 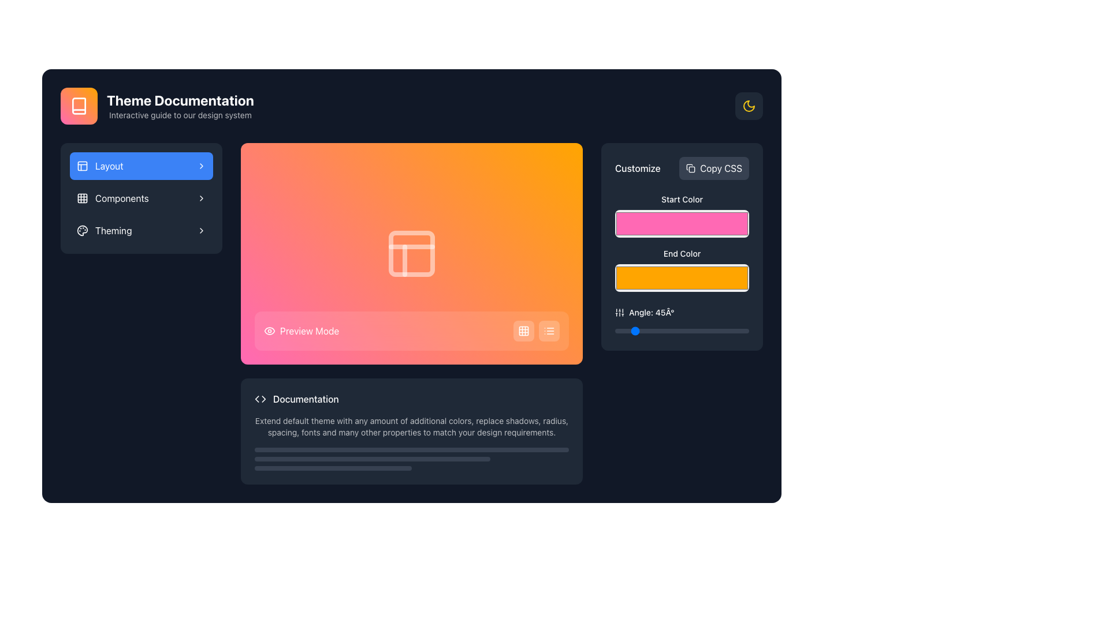 I want to click on the chevron icon indicating navigation for the 'Theming' menu, so click(x=202, y=231).